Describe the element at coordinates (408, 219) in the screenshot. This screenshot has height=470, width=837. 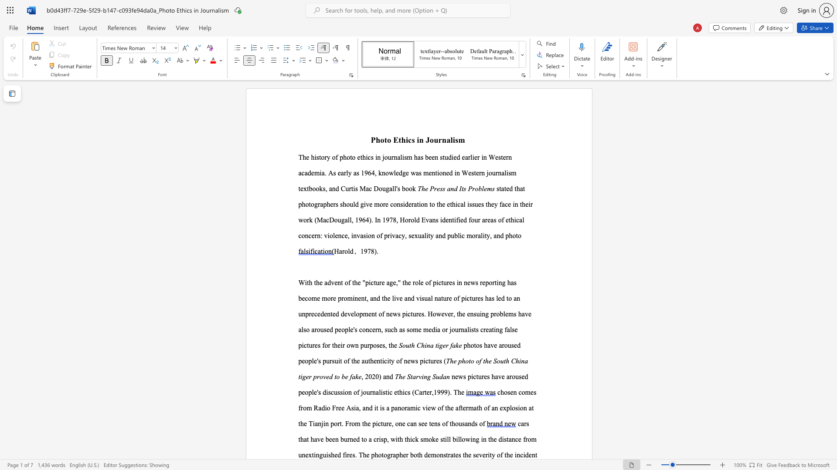
I see `the subset text "rold Evan" within the text ". In 1978, Horold Evans"` at that location.